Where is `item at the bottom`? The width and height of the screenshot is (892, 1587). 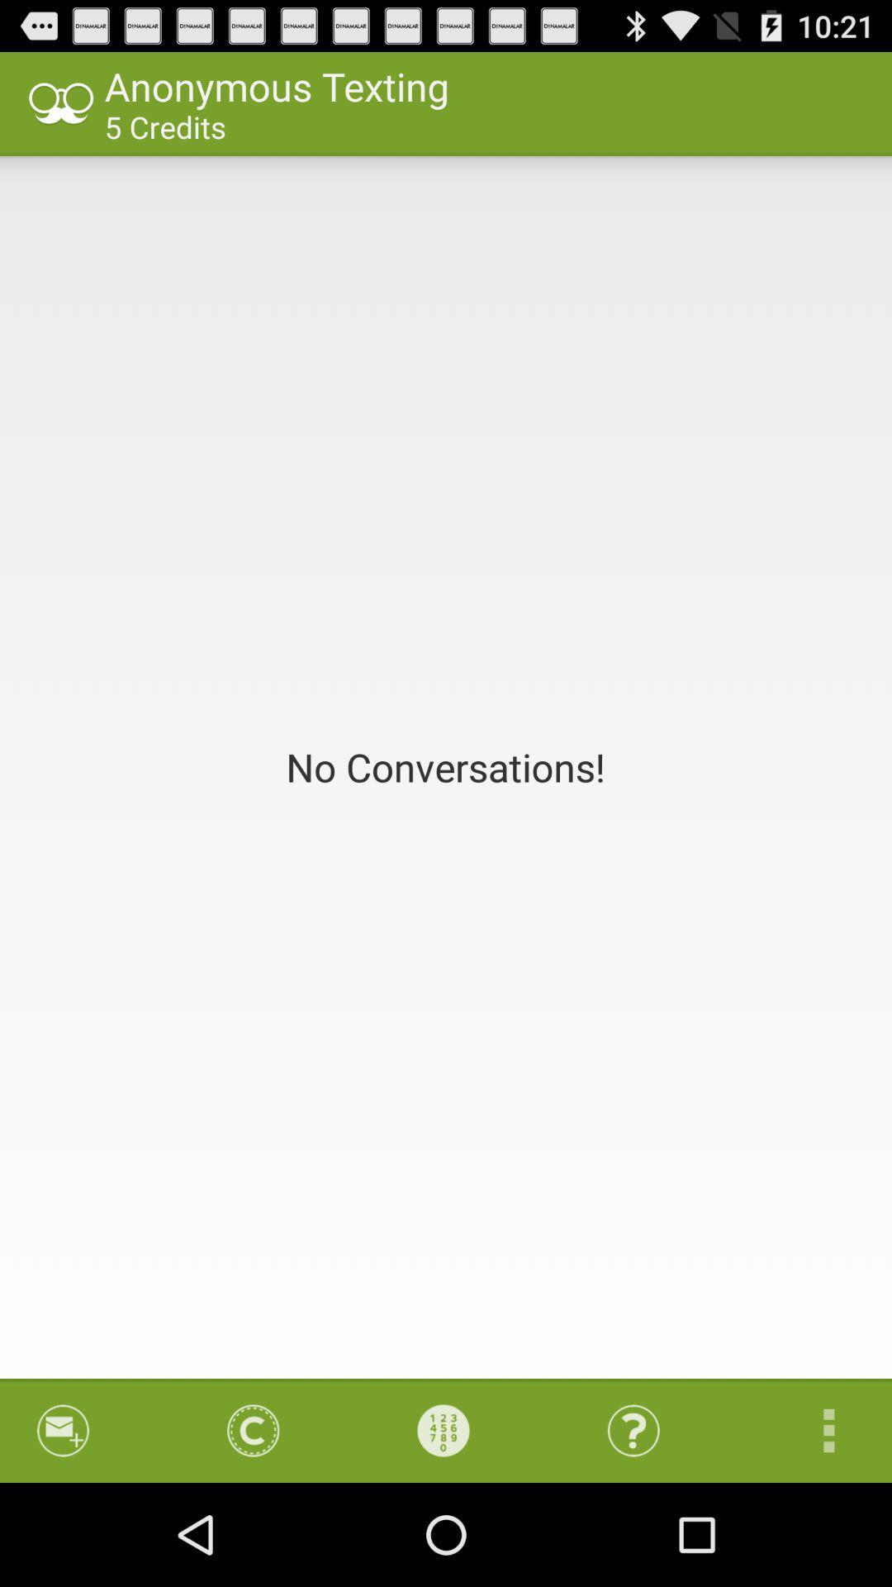
item at the bottom is located at coordinates (443, 1430).